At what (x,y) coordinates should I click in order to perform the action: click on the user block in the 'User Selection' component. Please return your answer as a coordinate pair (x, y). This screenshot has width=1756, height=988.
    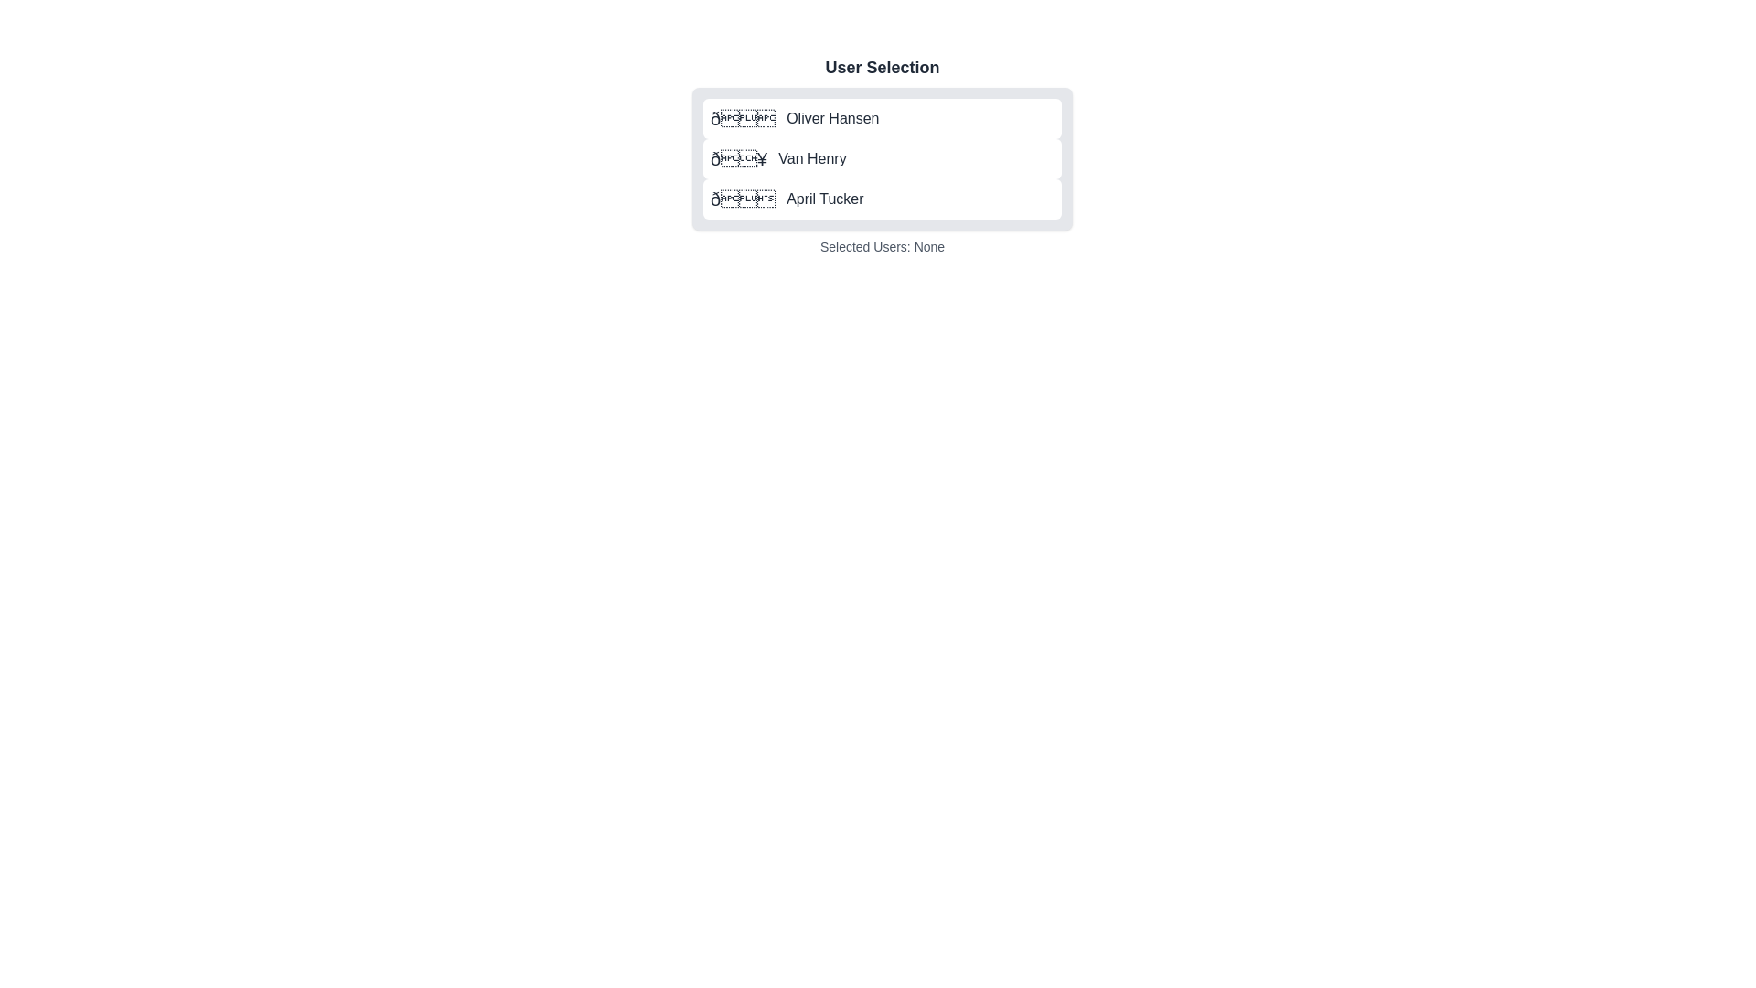
    Looking at the image, I should click on (882, 154).